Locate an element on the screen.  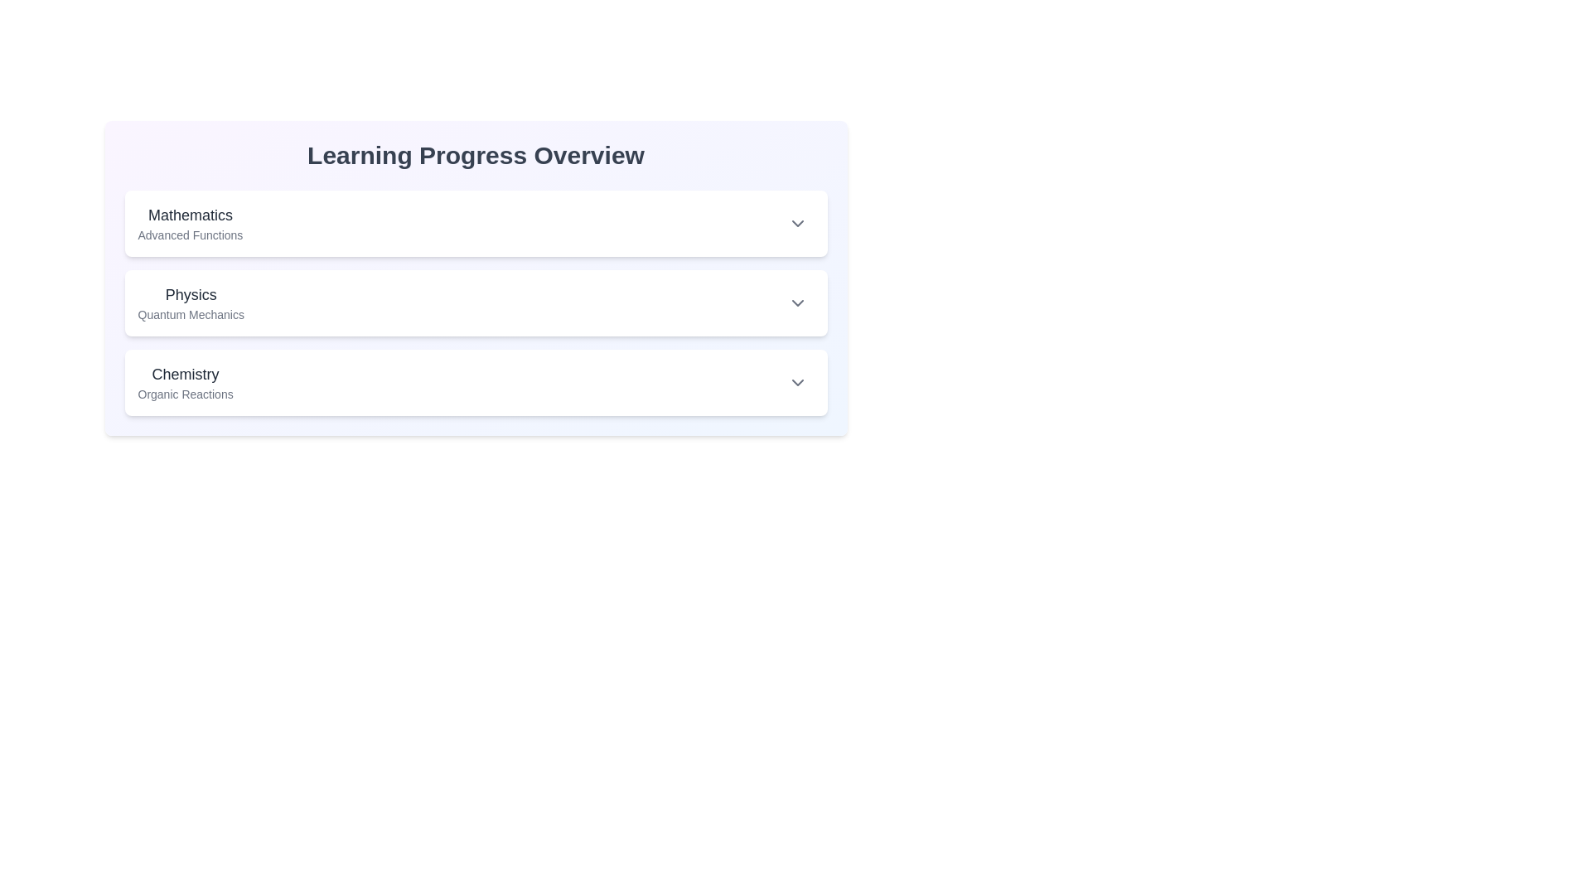
the 'Quantum Mechanics' text label, which is a descriptive subheading under the 'Physics' heading in the second collapsible section of the overview list is located at coordinates (191, 315).